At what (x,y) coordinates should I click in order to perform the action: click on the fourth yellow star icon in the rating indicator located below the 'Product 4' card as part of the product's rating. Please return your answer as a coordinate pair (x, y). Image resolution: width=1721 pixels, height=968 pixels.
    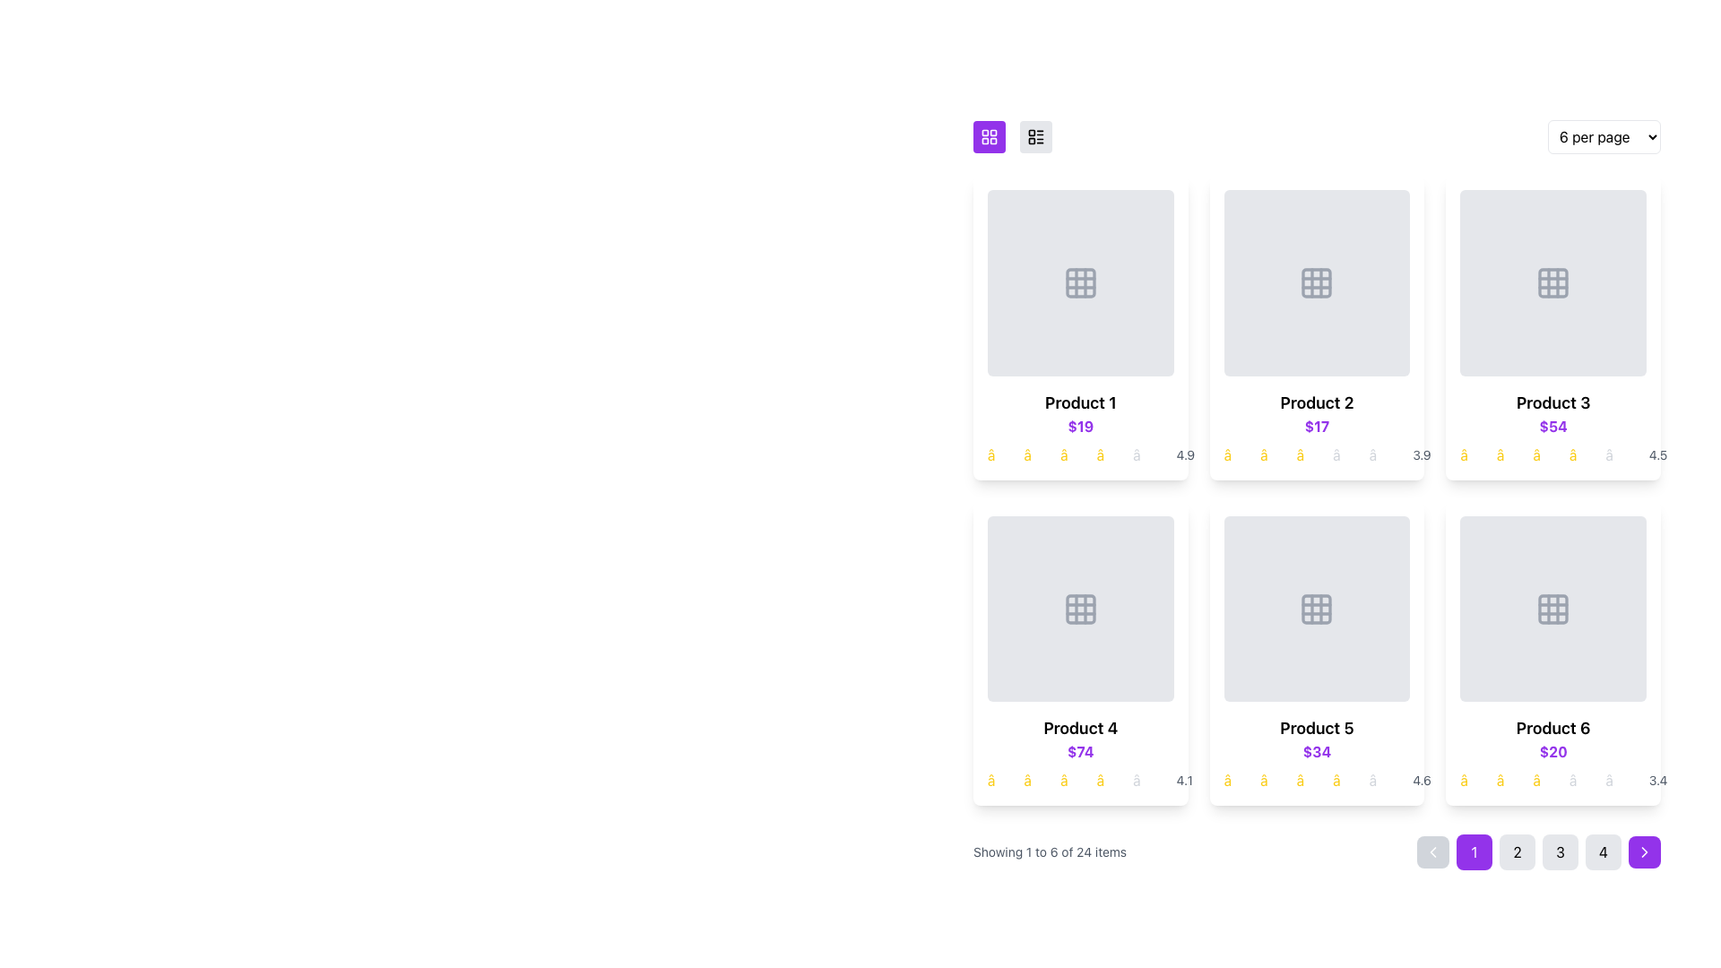
    Looking at the image, I should click on (1113, 780).